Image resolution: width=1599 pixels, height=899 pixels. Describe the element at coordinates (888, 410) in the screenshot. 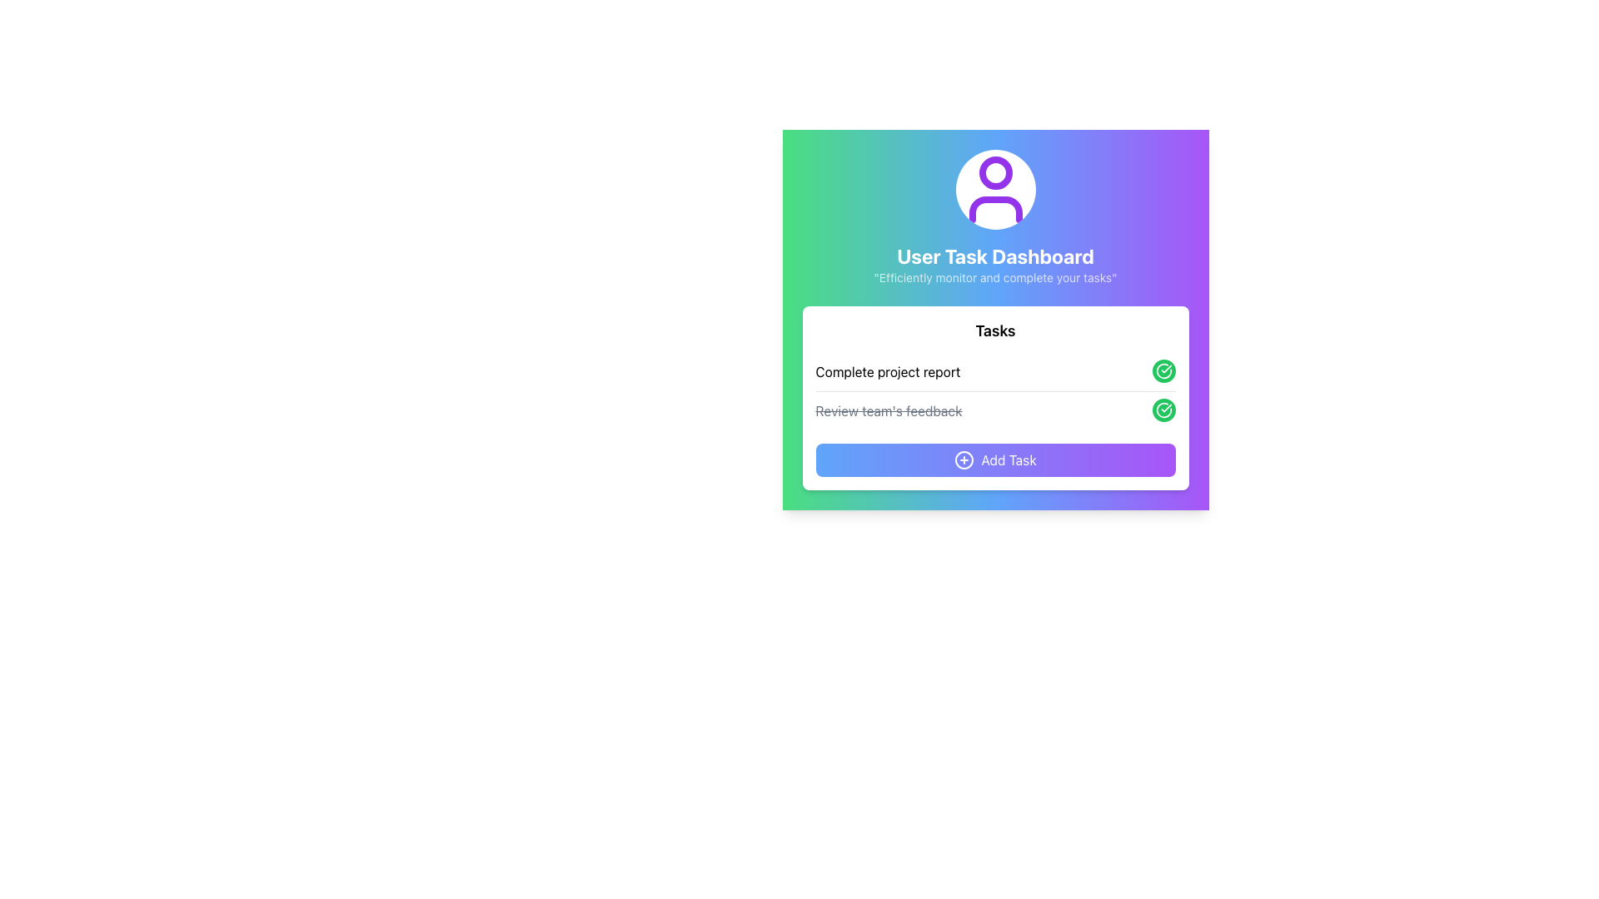

I see `text of the completed task label located below 'Complete project report' in the task list, which has a strikethrough styling` at that location.